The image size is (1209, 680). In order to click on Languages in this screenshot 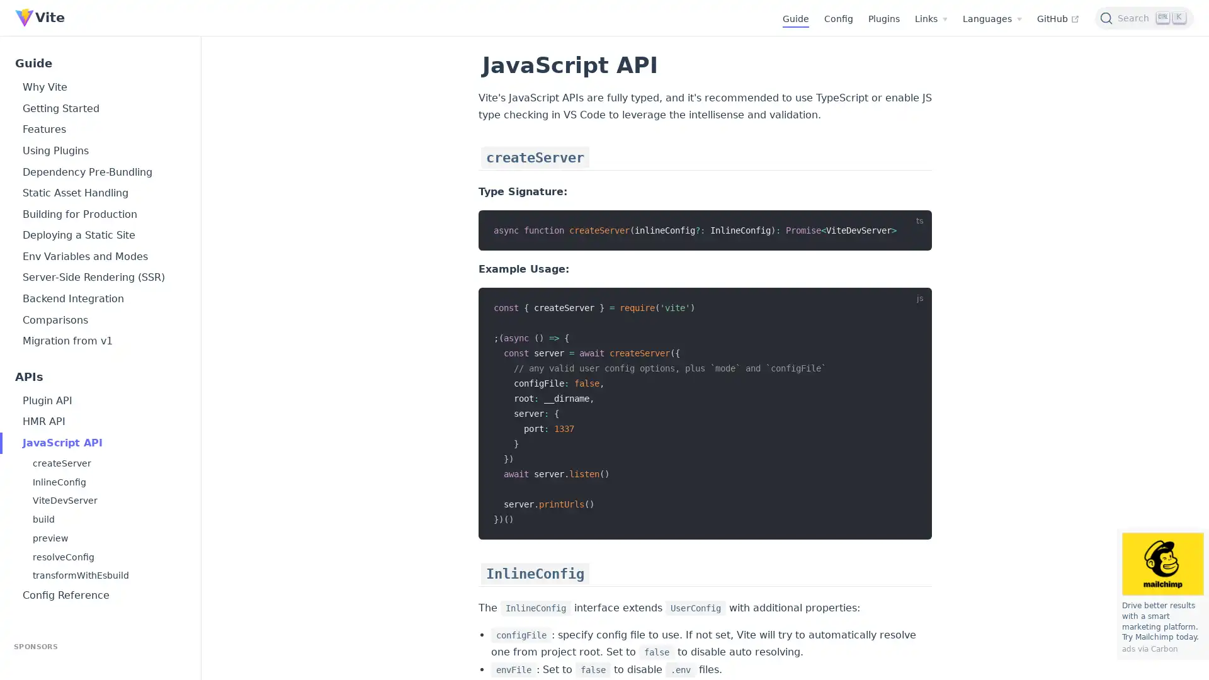, I will do `click(991, 19)`.